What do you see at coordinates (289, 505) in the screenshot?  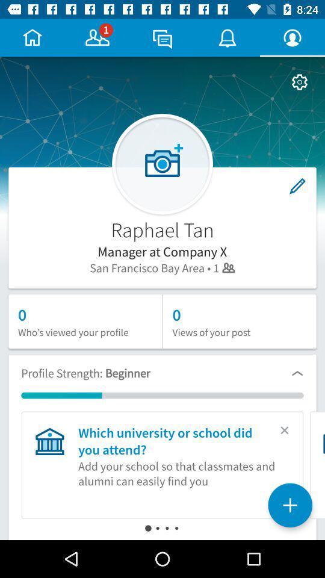 I see `the add icon` at bounding box center [289, 505].